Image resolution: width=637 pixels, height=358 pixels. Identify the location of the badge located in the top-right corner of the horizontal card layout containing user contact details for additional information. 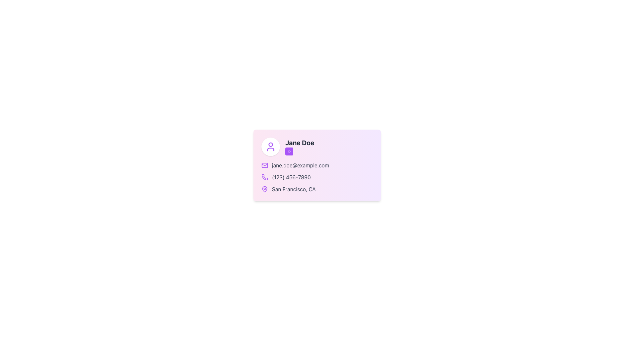
(299, 147).